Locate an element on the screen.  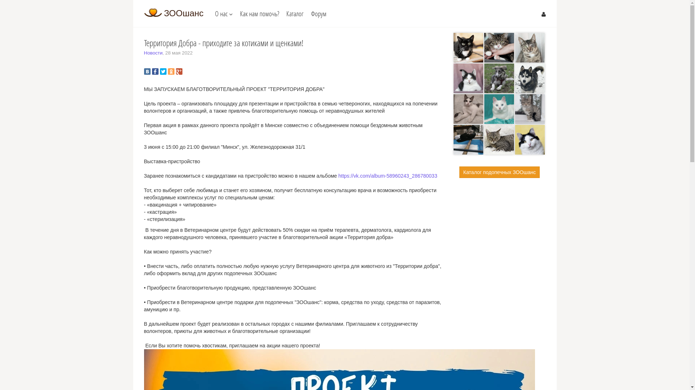
'Facebook' is located at coordinates (155, 71).